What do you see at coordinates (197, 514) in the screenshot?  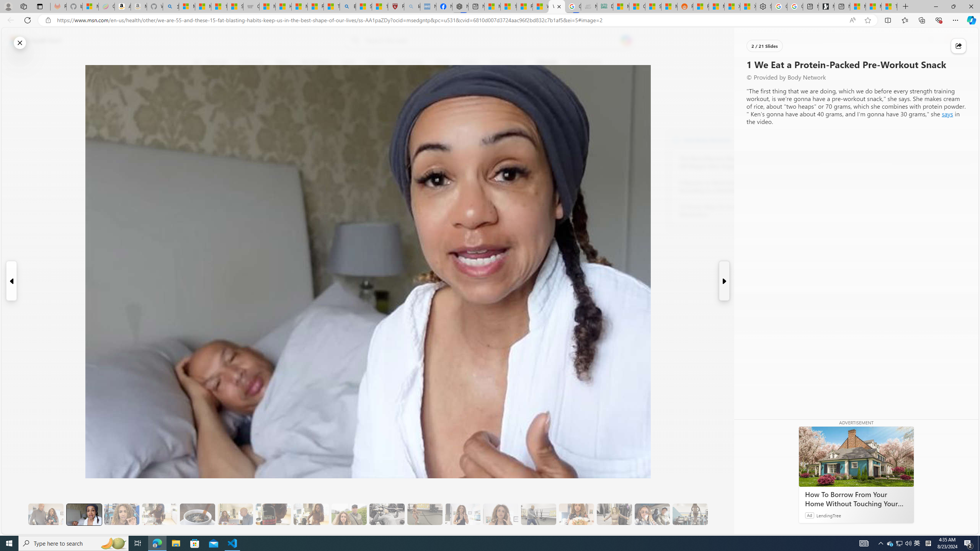 I see `'8 Be Mindful of Coffee'` at bounding box center [197, 514].